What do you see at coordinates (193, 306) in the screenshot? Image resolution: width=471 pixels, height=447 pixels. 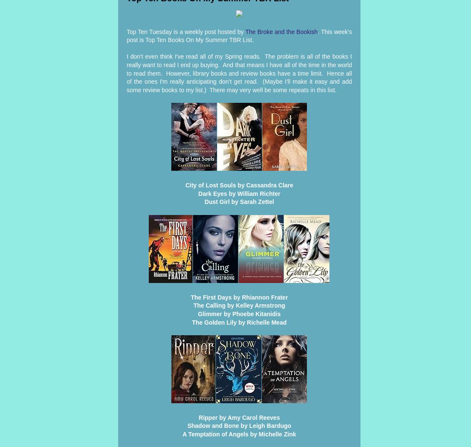 I see `'The Calling by Kelley Armstrong'` at bounding box center [193, 306].